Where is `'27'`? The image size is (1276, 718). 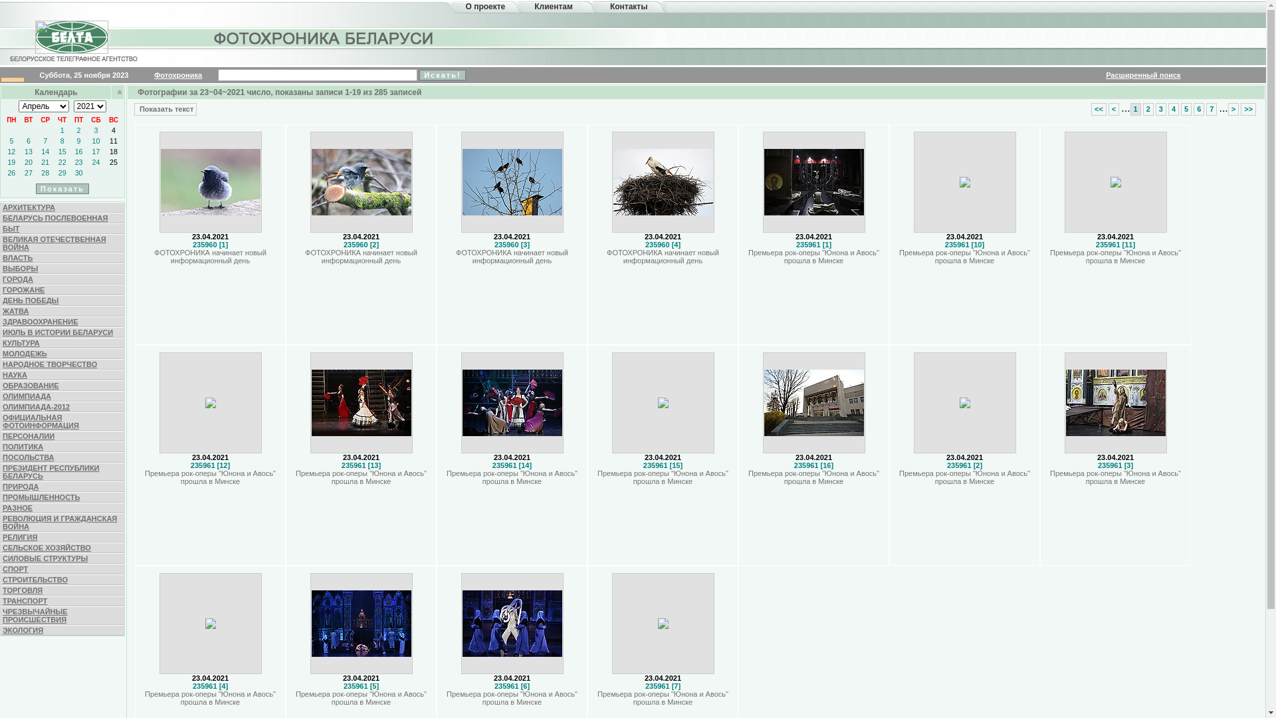 '27' is located at coordinates (29, 172).